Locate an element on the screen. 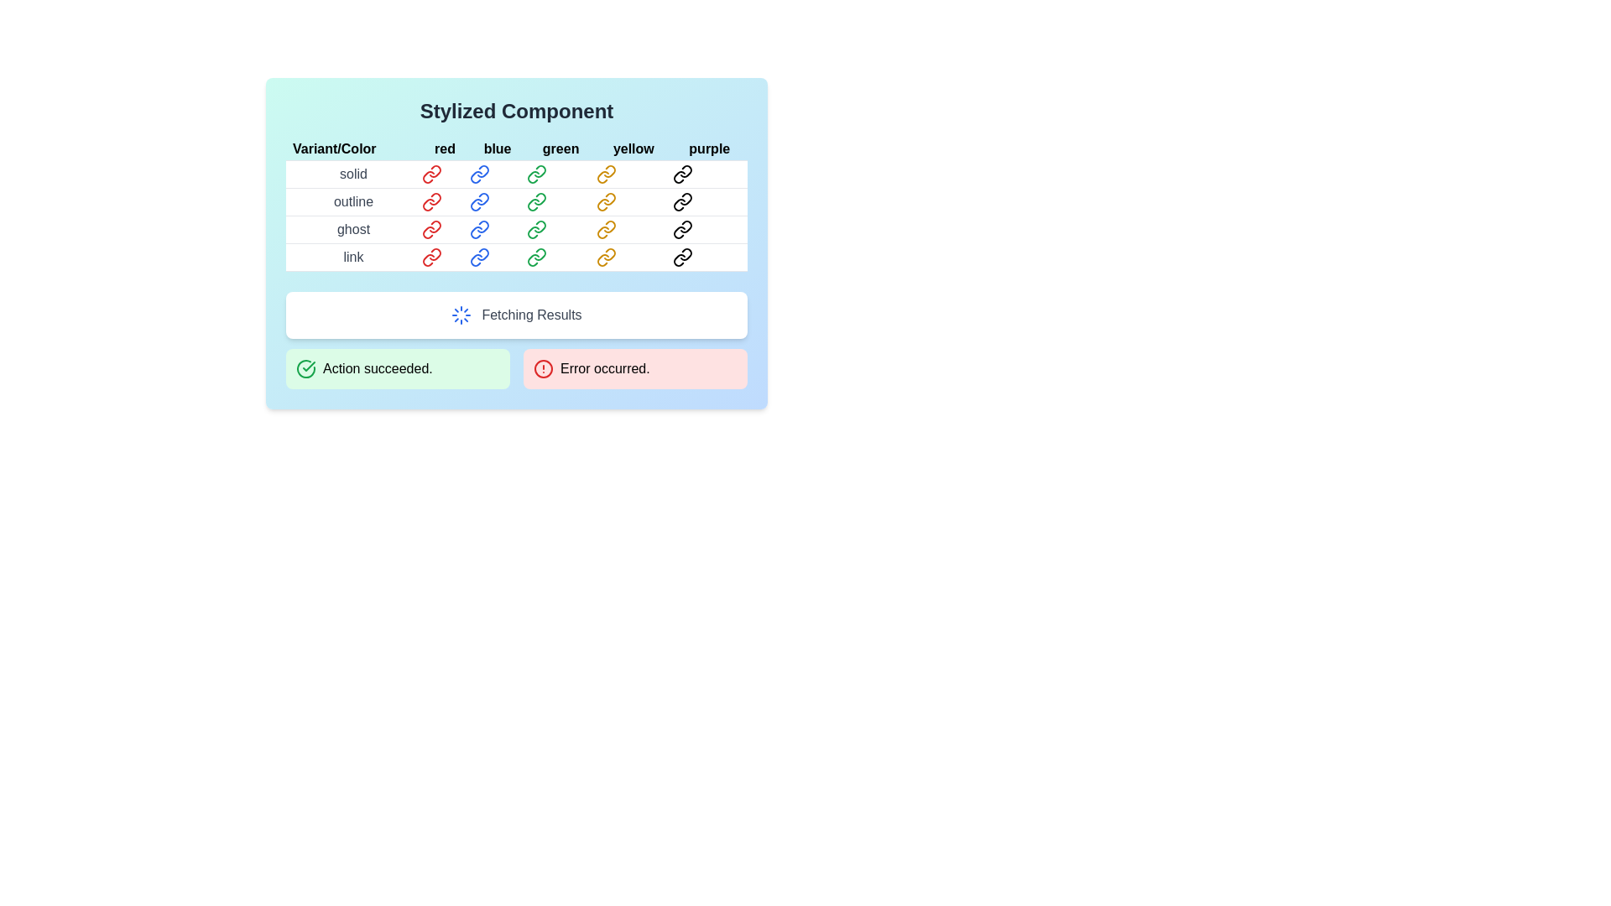 This screenshot has height=906, width=1611. the interactive links in the second row of the table labeled 'outline' to trigger additional effects is located at coordinates (515, 215).